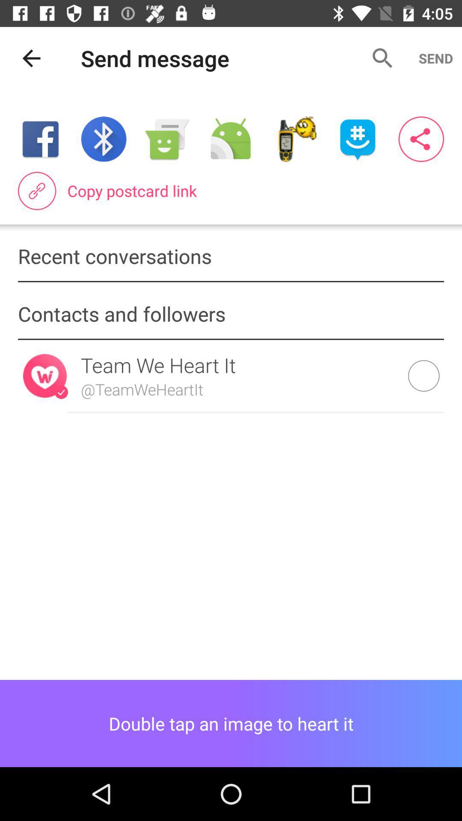 Image resolution: width=462 pixels, height=821 pixels. What do you see at coordinates (31, 58) in the screenshot?
I see `the icon next to the send message icon` at bounding box center [31, 58].